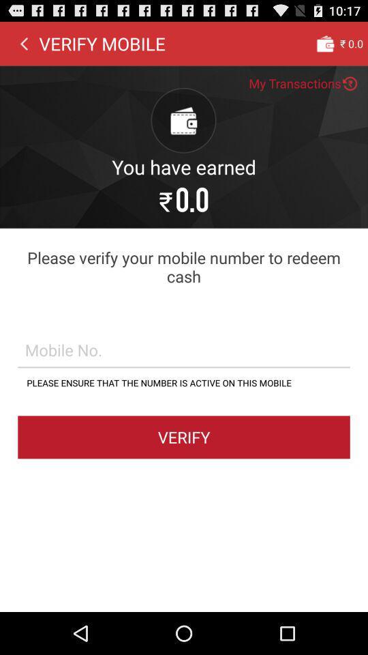 The image size is (368, 655). What do you see at coordinates (24, 46) in the screenshot?
I see `the arrow_backward icon` at bounding box center [24, 46].